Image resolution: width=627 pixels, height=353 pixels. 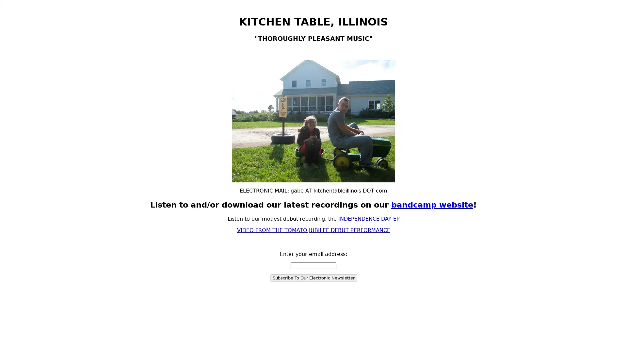 What do you see at coordinates (313, 278) in the screenshot?
I see `Subscribe To Our Electronic Newsletter` at bounding box center [313, 278].